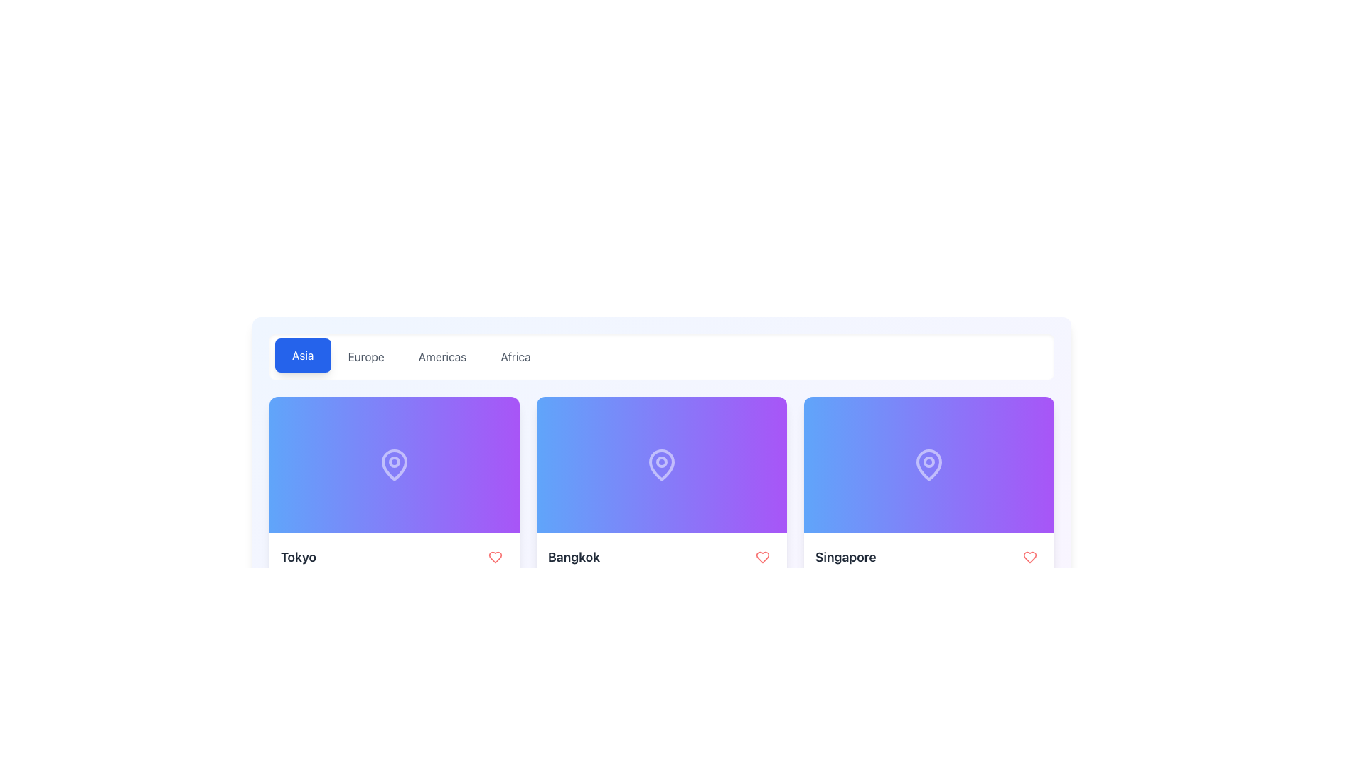  Describe the element at coordinates (302, 355) in the screenshot. I see `the 'Asia' button located at the far left of the navigation bar` at that location.